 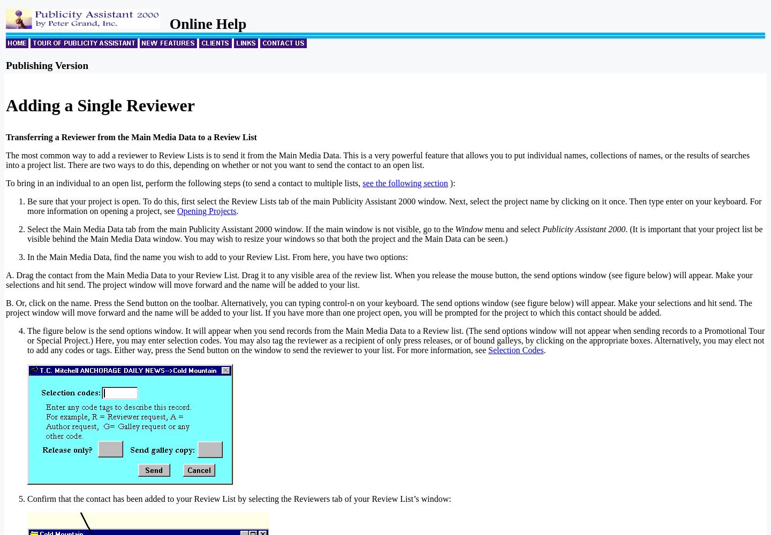 What do you see at coordinates (379, 307) in the screenshot?
I see `'B. Or, click on the name.  Press the Send button on the toolbar.  Alternatively,
you can typing control-n on your keyboard. The send options window (see figure
below) will appear.  Make your selections and hit send.  The project window
will move forward and the name will be added to your list. If you have more than
one project open, you will be prompted for the project to which this contact
should be added.'` at bounding box center [379, 307].